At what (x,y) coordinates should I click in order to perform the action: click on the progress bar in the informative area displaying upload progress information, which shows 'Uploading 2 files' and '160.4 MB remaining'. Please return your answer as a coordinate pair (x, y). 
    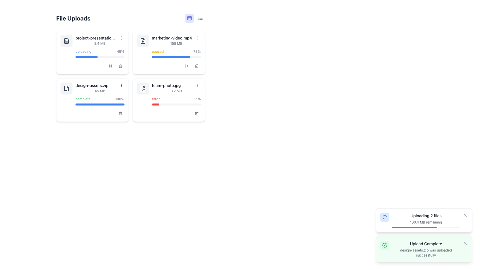
    Looking at the image, I should click on (426, 220).